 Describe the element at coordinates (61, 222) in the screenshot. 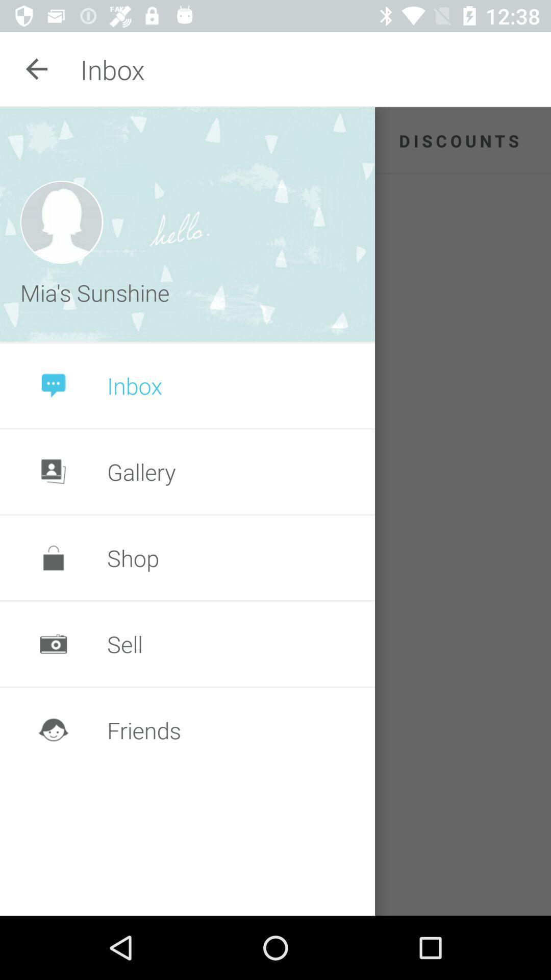

I see `icon below the messages app` at that location.